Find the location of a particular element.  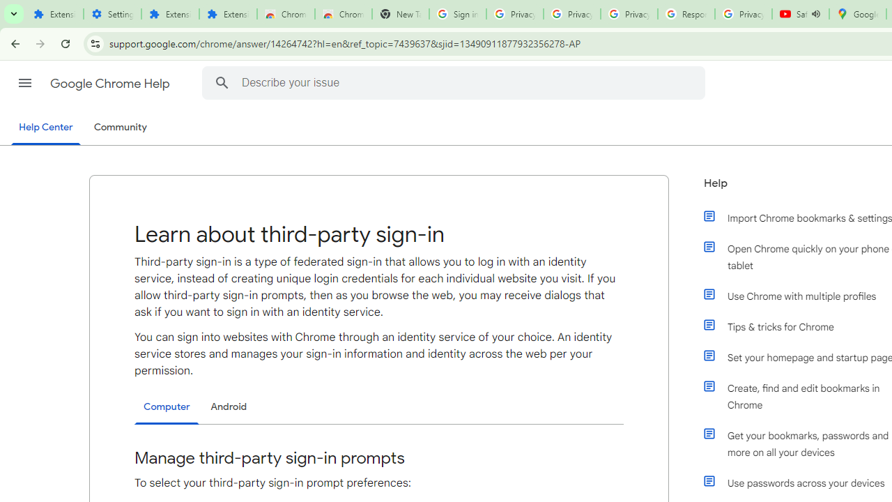

'Android' is located at coordinates (229, 406).